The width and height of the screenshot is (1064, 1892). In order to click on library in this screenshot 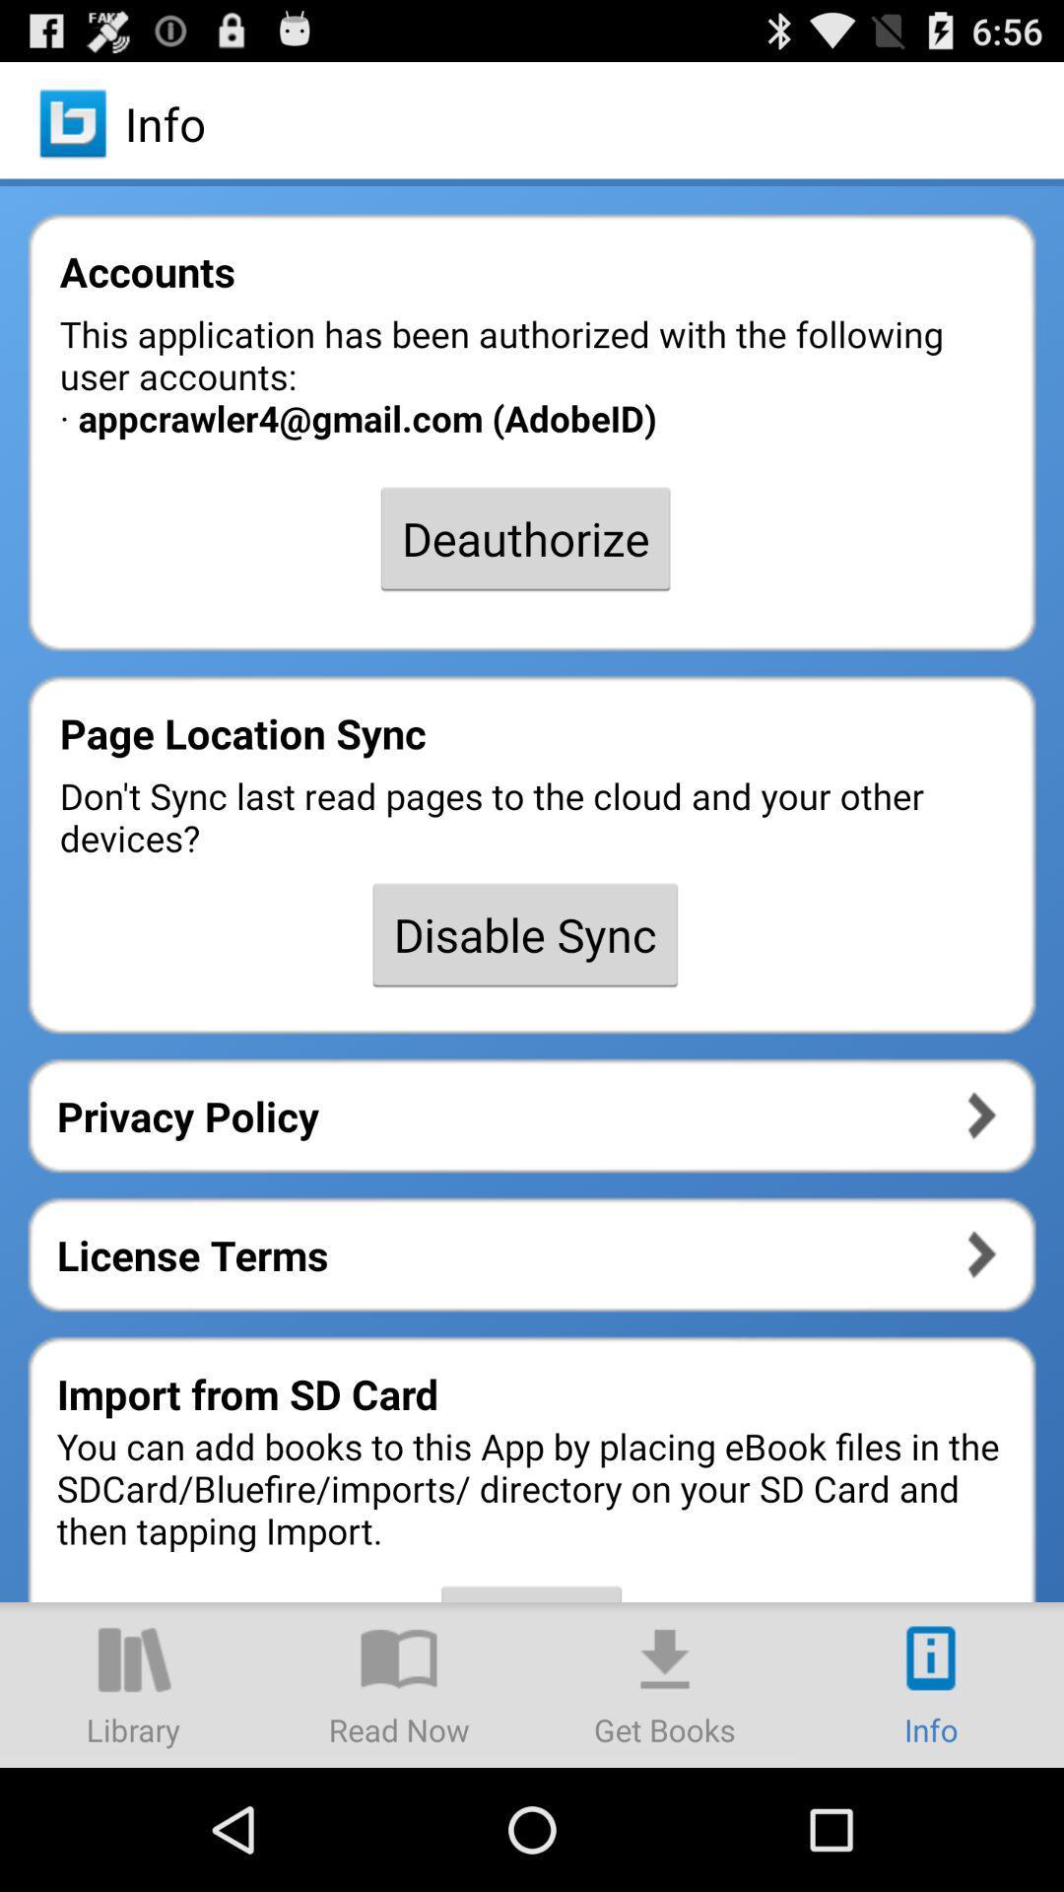, I will do `click(133, 1683)`.